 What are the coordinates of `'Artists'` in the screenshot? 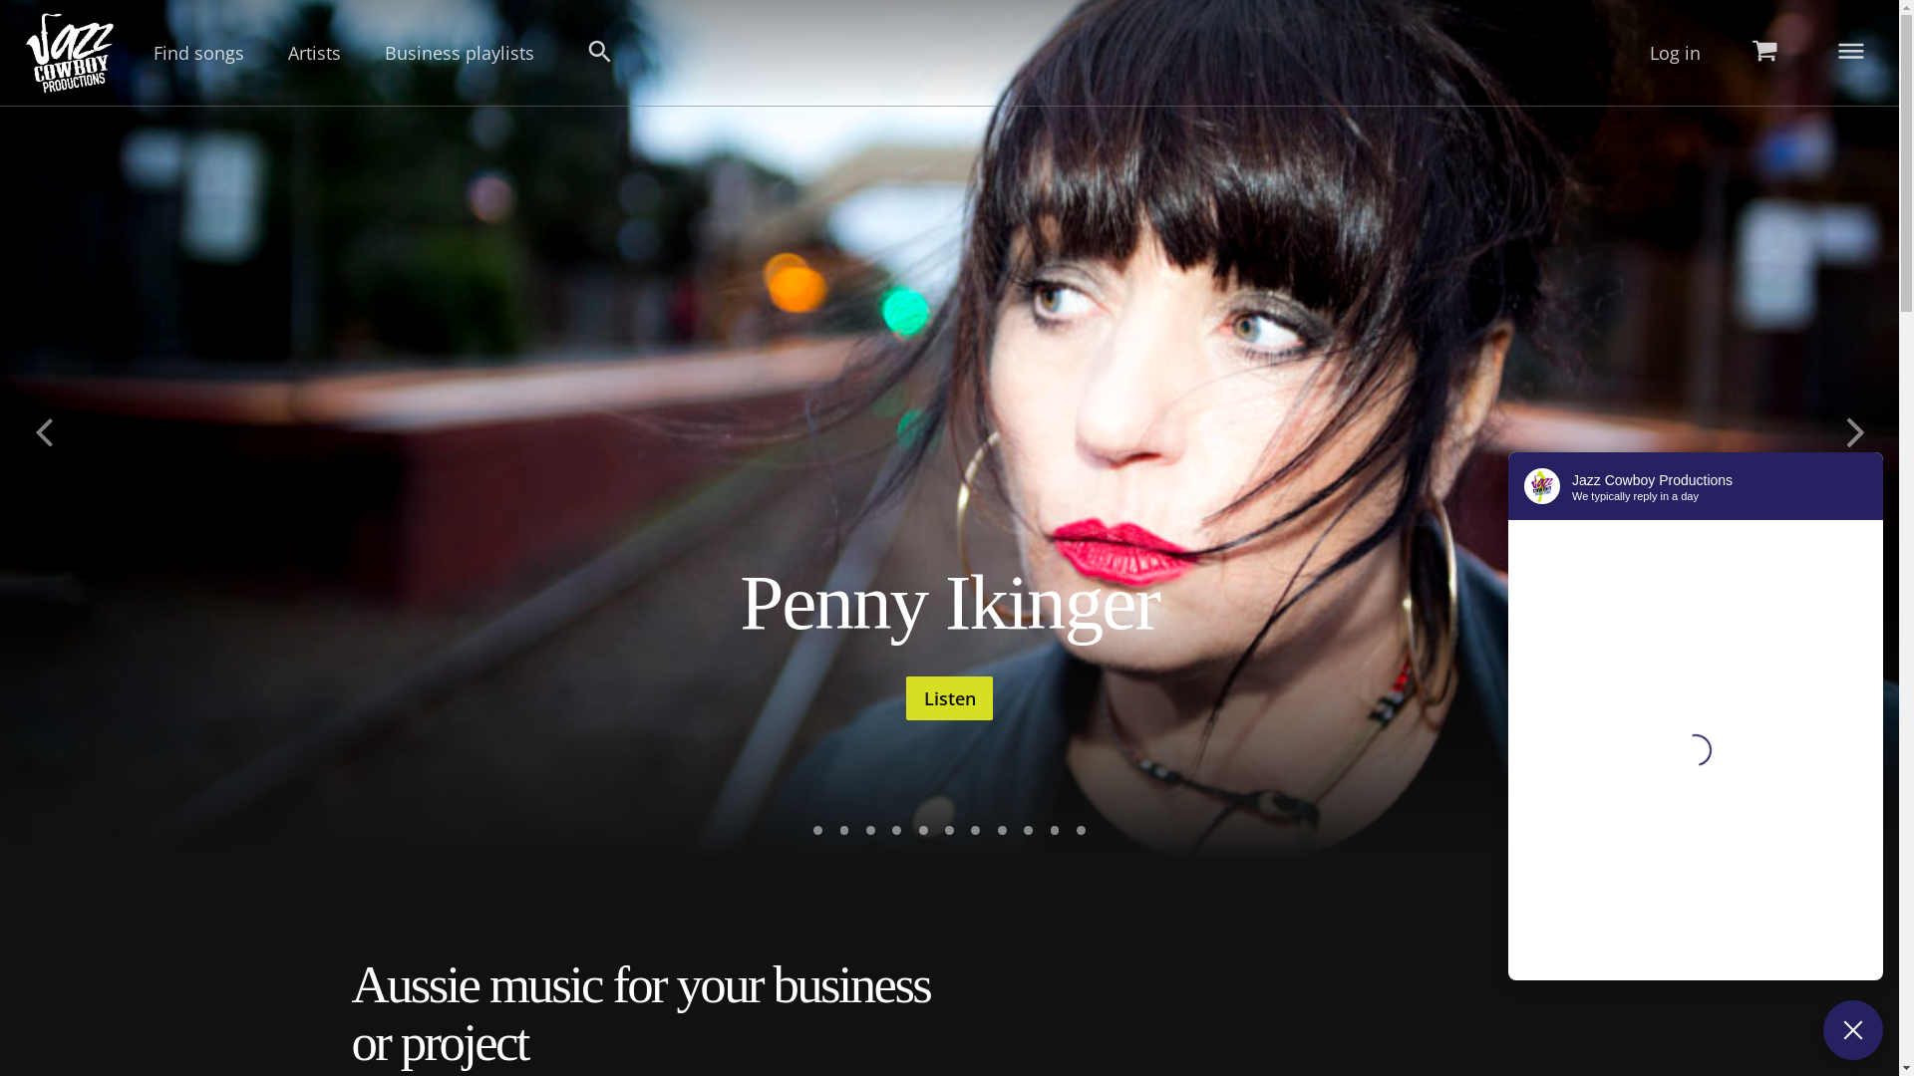 It's located at (286, 52).